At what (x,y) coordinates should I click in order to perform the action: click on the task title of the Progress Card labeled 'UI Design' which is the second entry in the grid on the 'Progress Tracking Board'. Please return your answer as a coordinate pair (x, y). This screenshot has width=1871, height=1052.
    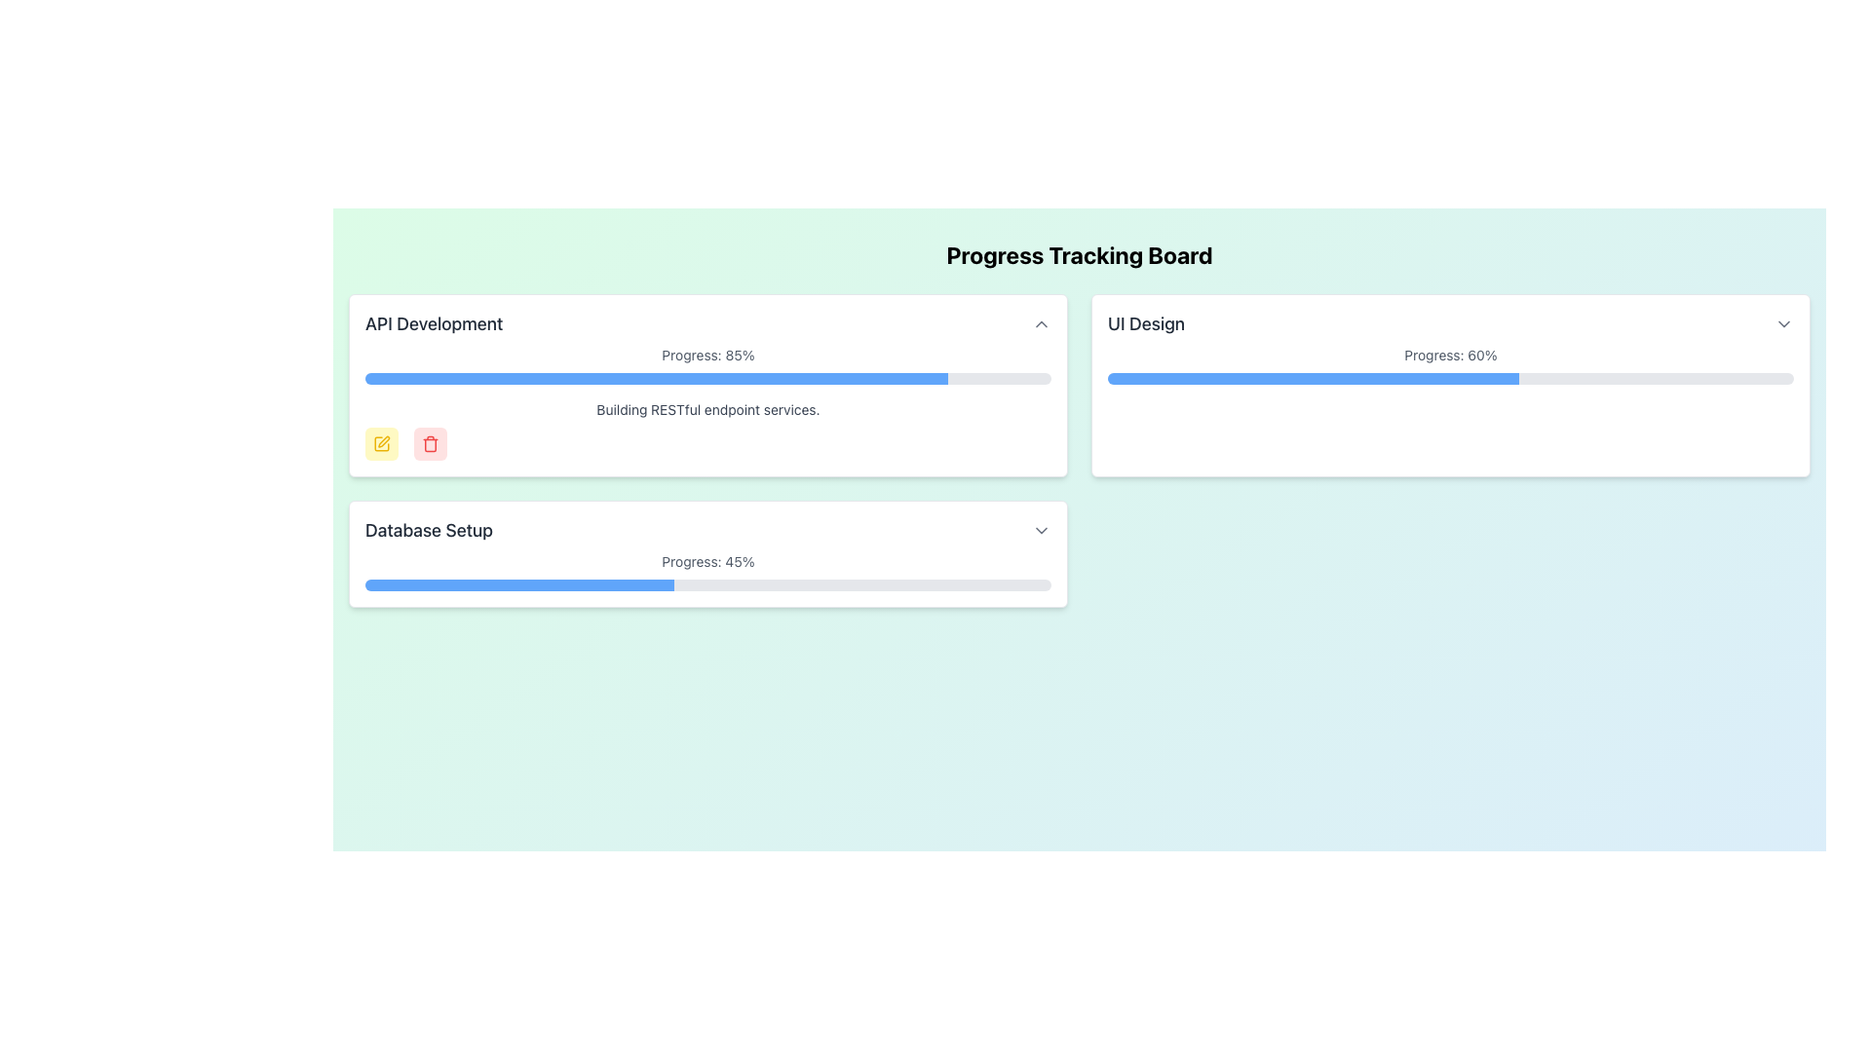
    Looking at the image, I should click on (1450, 386).